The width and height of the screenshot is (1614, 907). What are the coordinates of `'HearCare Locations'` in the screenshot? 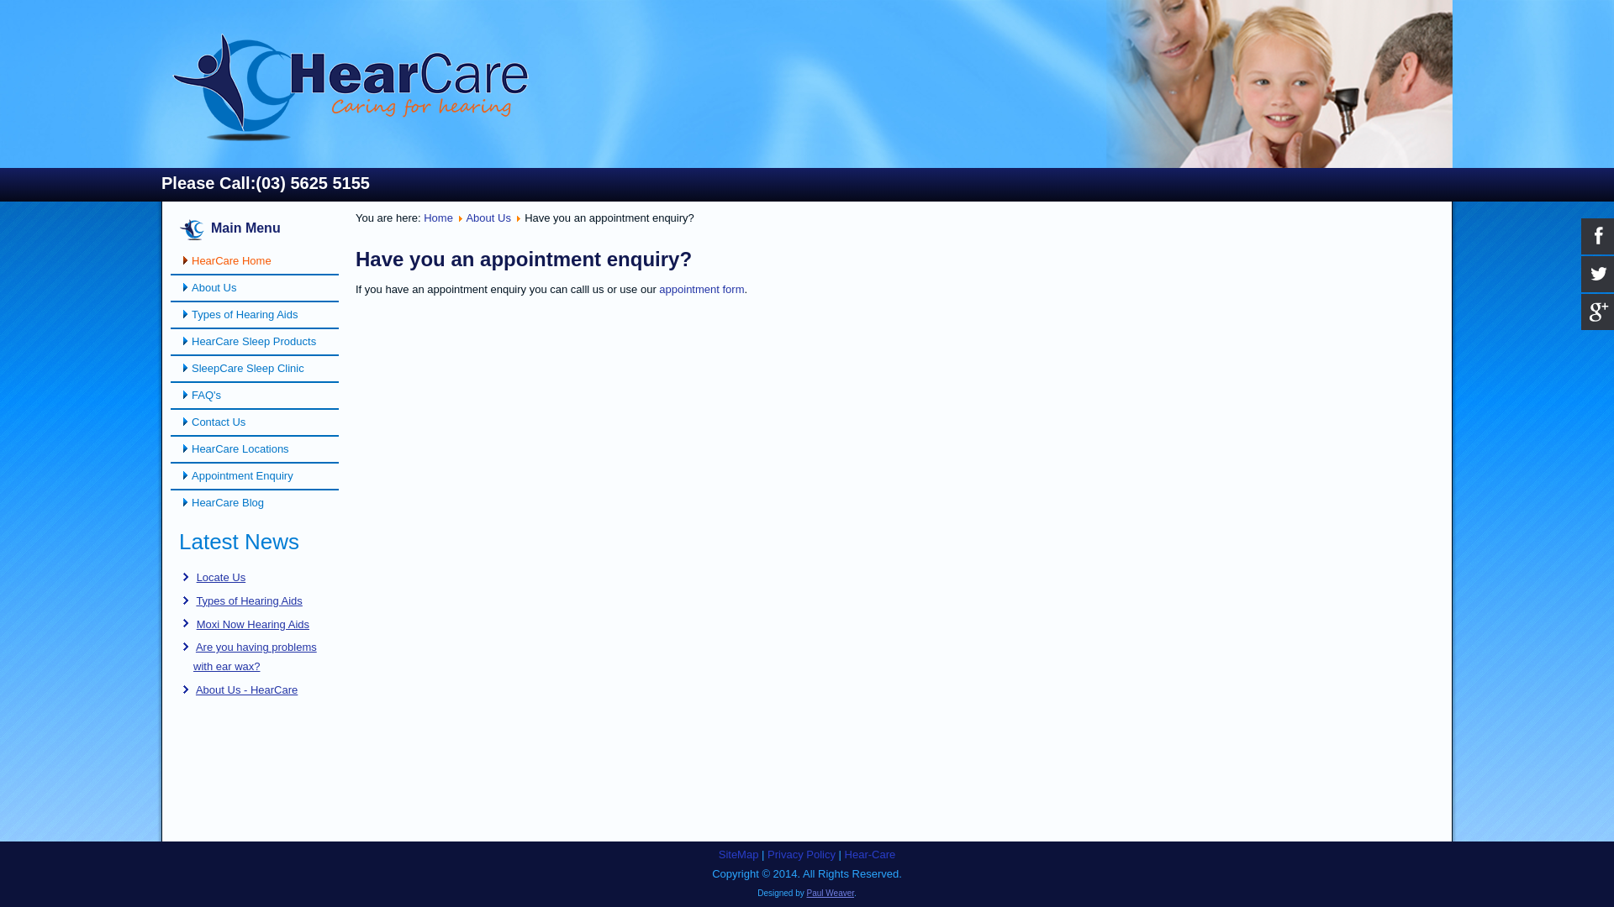 It's located at (253, 448).